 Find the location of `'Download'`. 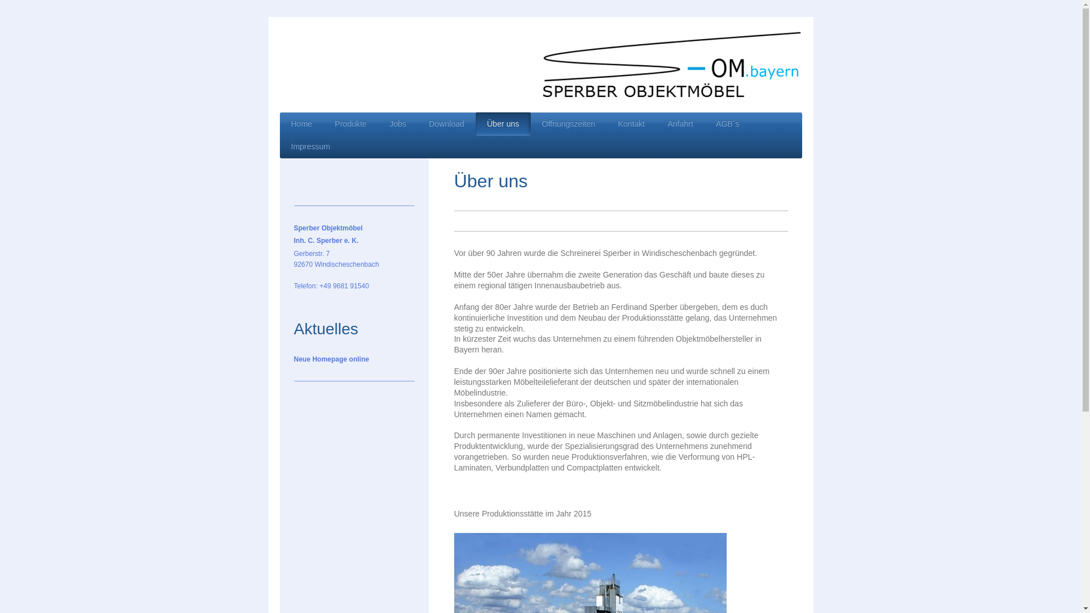

'Download' is located at coordinates (416, 124).